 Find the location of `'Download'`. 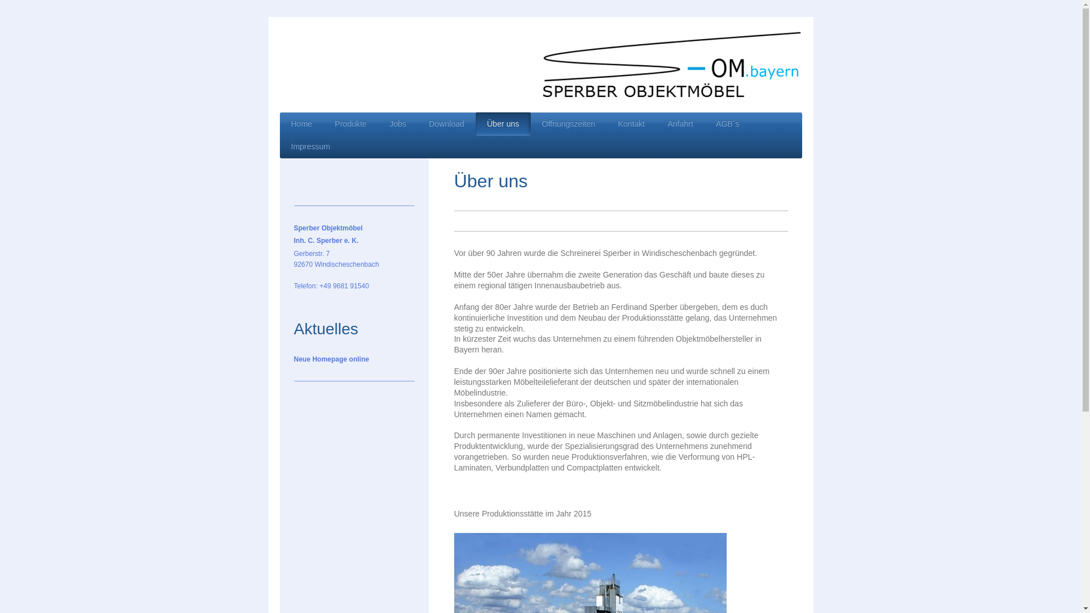

'Download' is located at coordinates (416, 124).